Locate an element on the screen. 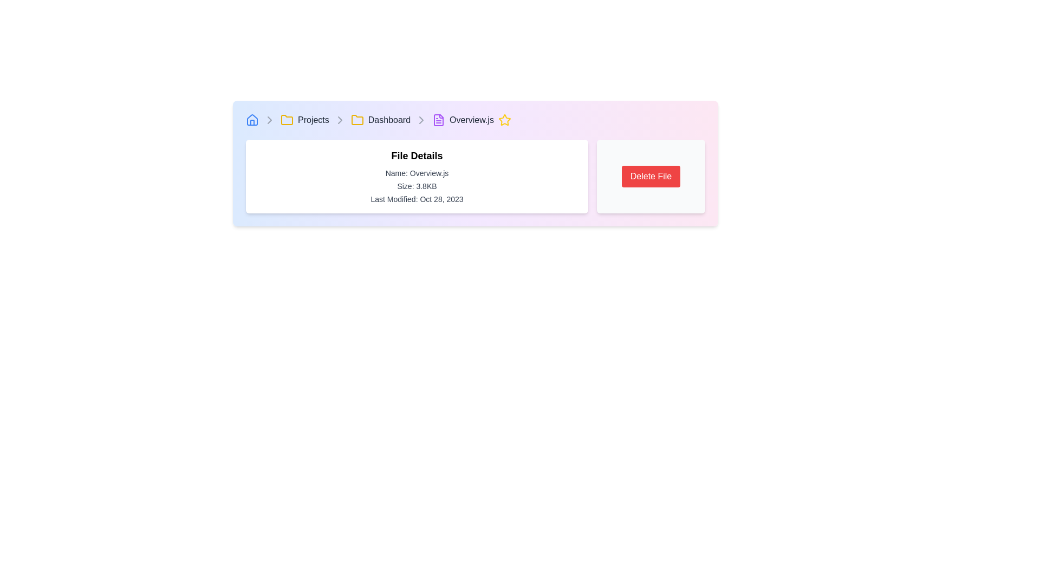 Image resolution: width=1040 pixels, height=585 pixels. the text label that indicates the last modification date of a file, located in the 'File Details' section, below 'Name: Overview.js' and 'Size: 3.8KB.' is located at coordinates (416, 199).